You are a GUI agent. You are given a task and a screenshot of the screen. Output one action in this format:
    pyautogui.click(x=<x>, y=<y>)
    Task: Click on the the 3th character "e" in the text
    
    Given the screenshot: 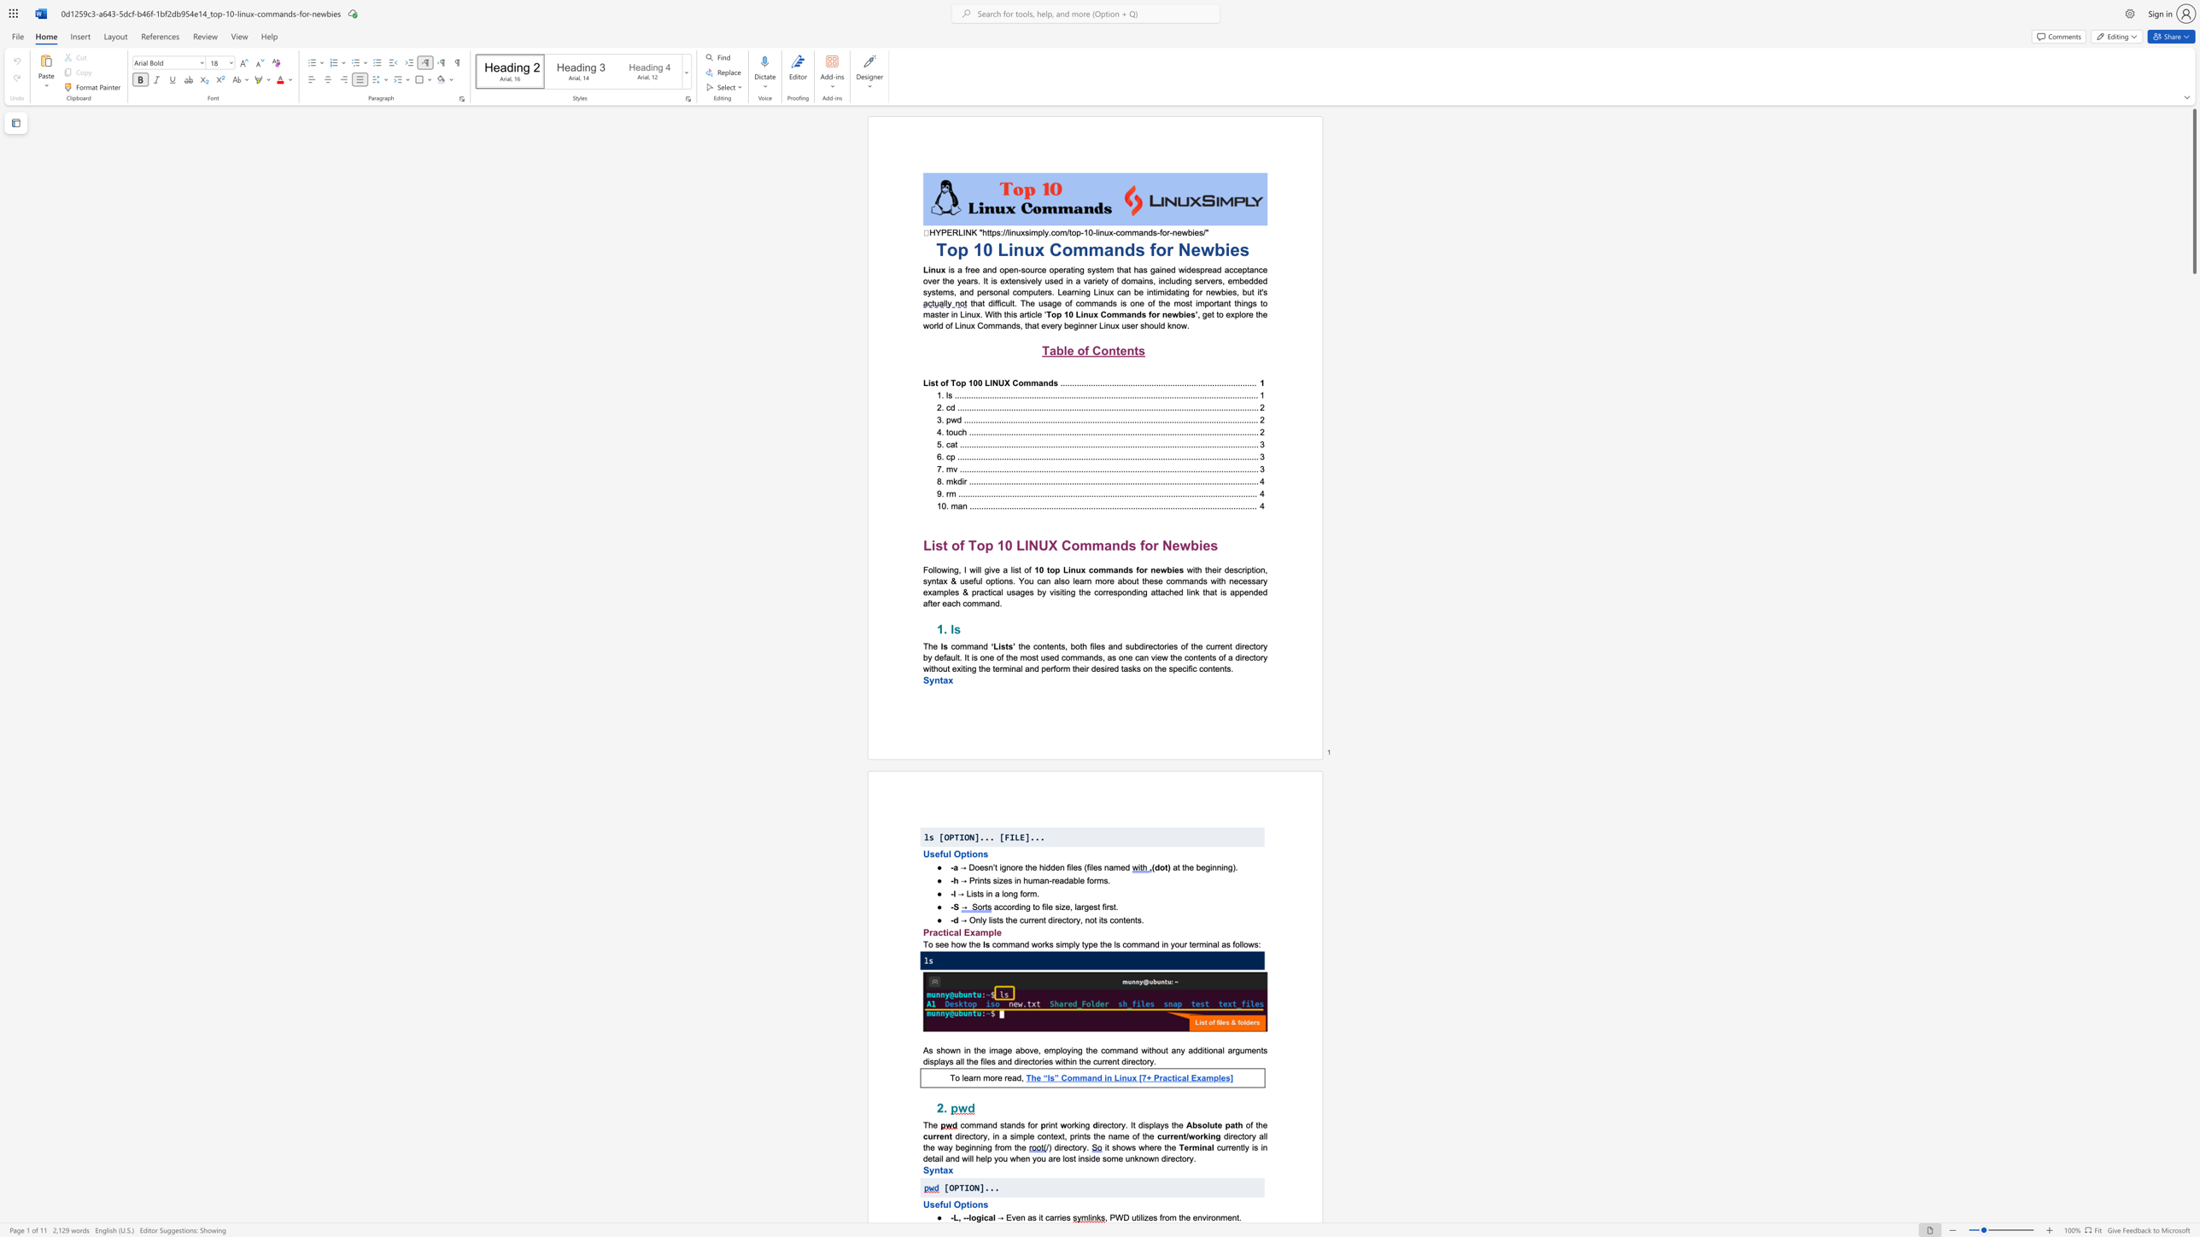 What is the action you would take?
    pyautogui.click(x=1059, y=919)
    